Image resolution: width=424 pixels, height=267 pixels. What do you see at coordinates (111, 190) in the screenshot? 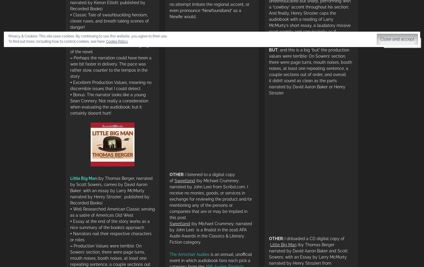
I see `'(by Thomas Berger, narrated by Scott Sowers, cameo by David Aaron Baker; with an essay by Larry McMurty narrated by Henry Strozier;  published by Recorded Books)'` at bounding box center [111, 190].